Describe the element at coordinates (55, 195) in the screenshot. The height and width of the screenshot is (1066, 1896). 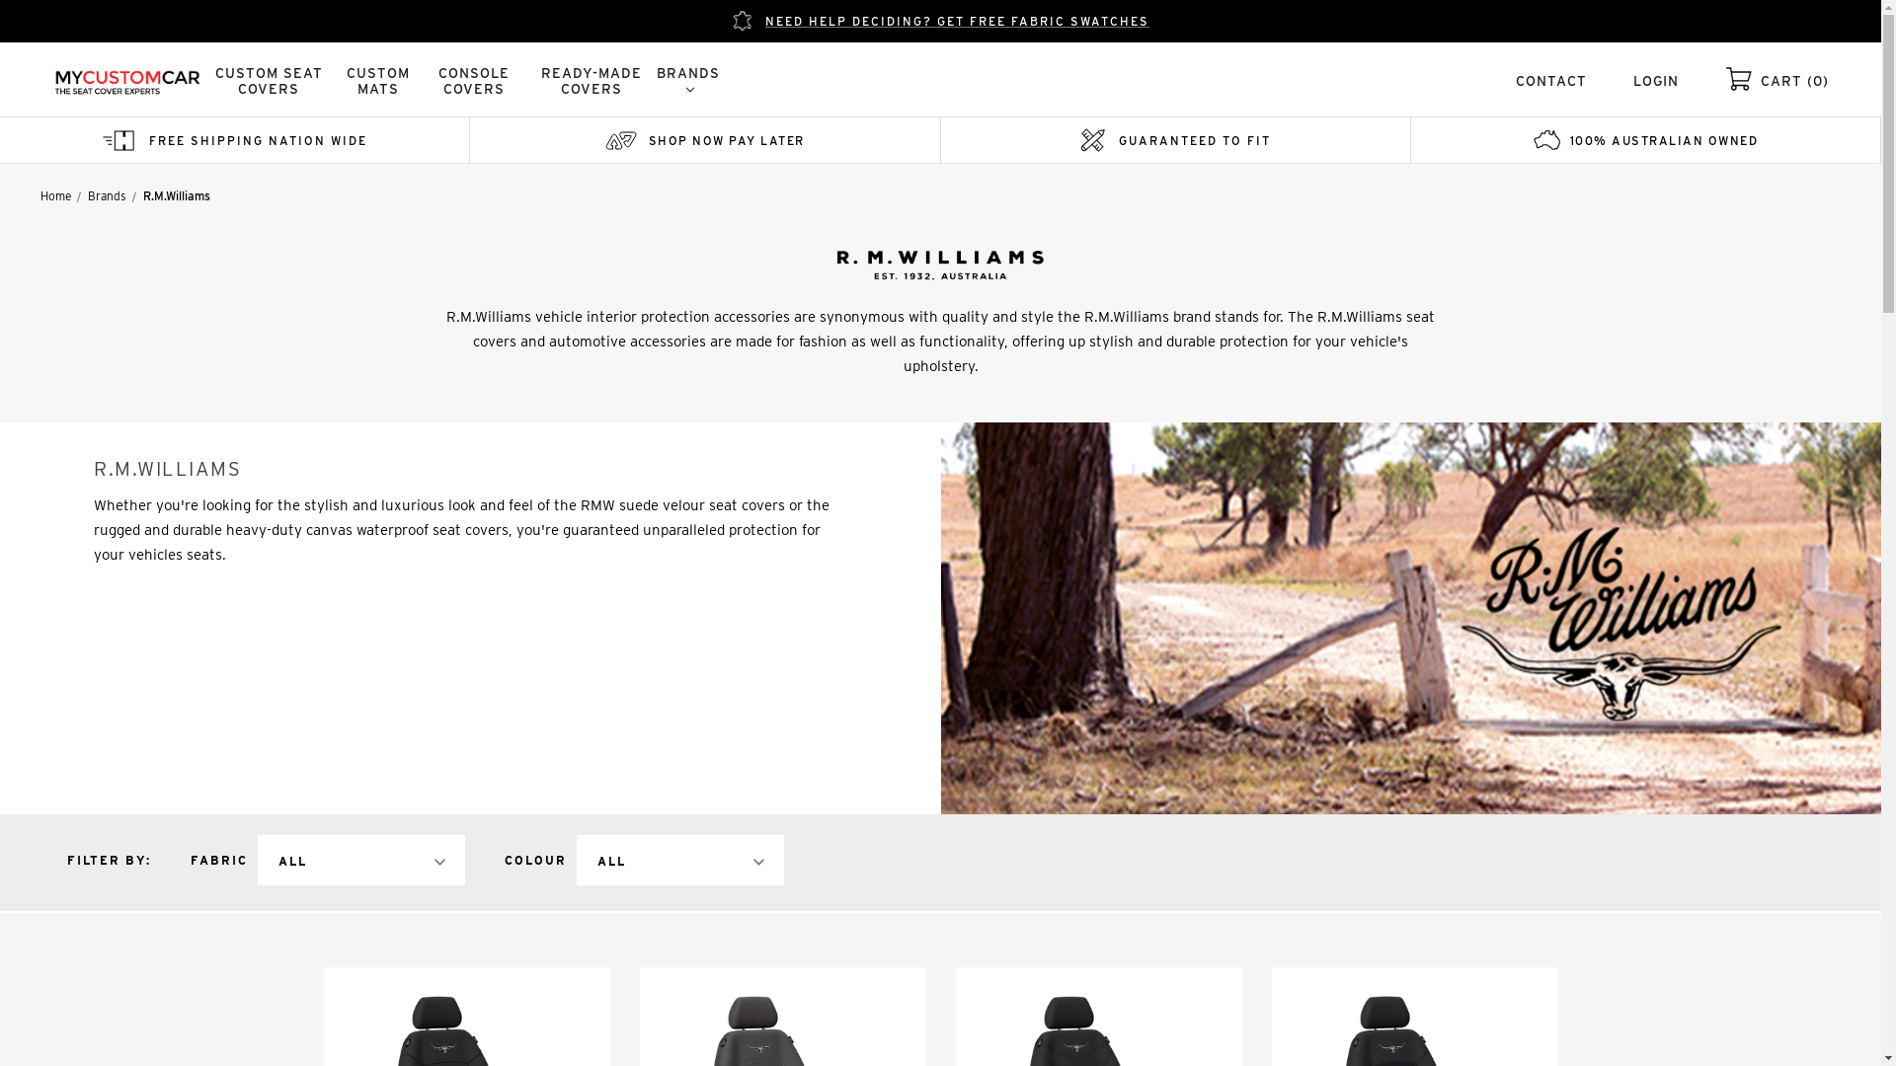
I see `'Home'` at that location.